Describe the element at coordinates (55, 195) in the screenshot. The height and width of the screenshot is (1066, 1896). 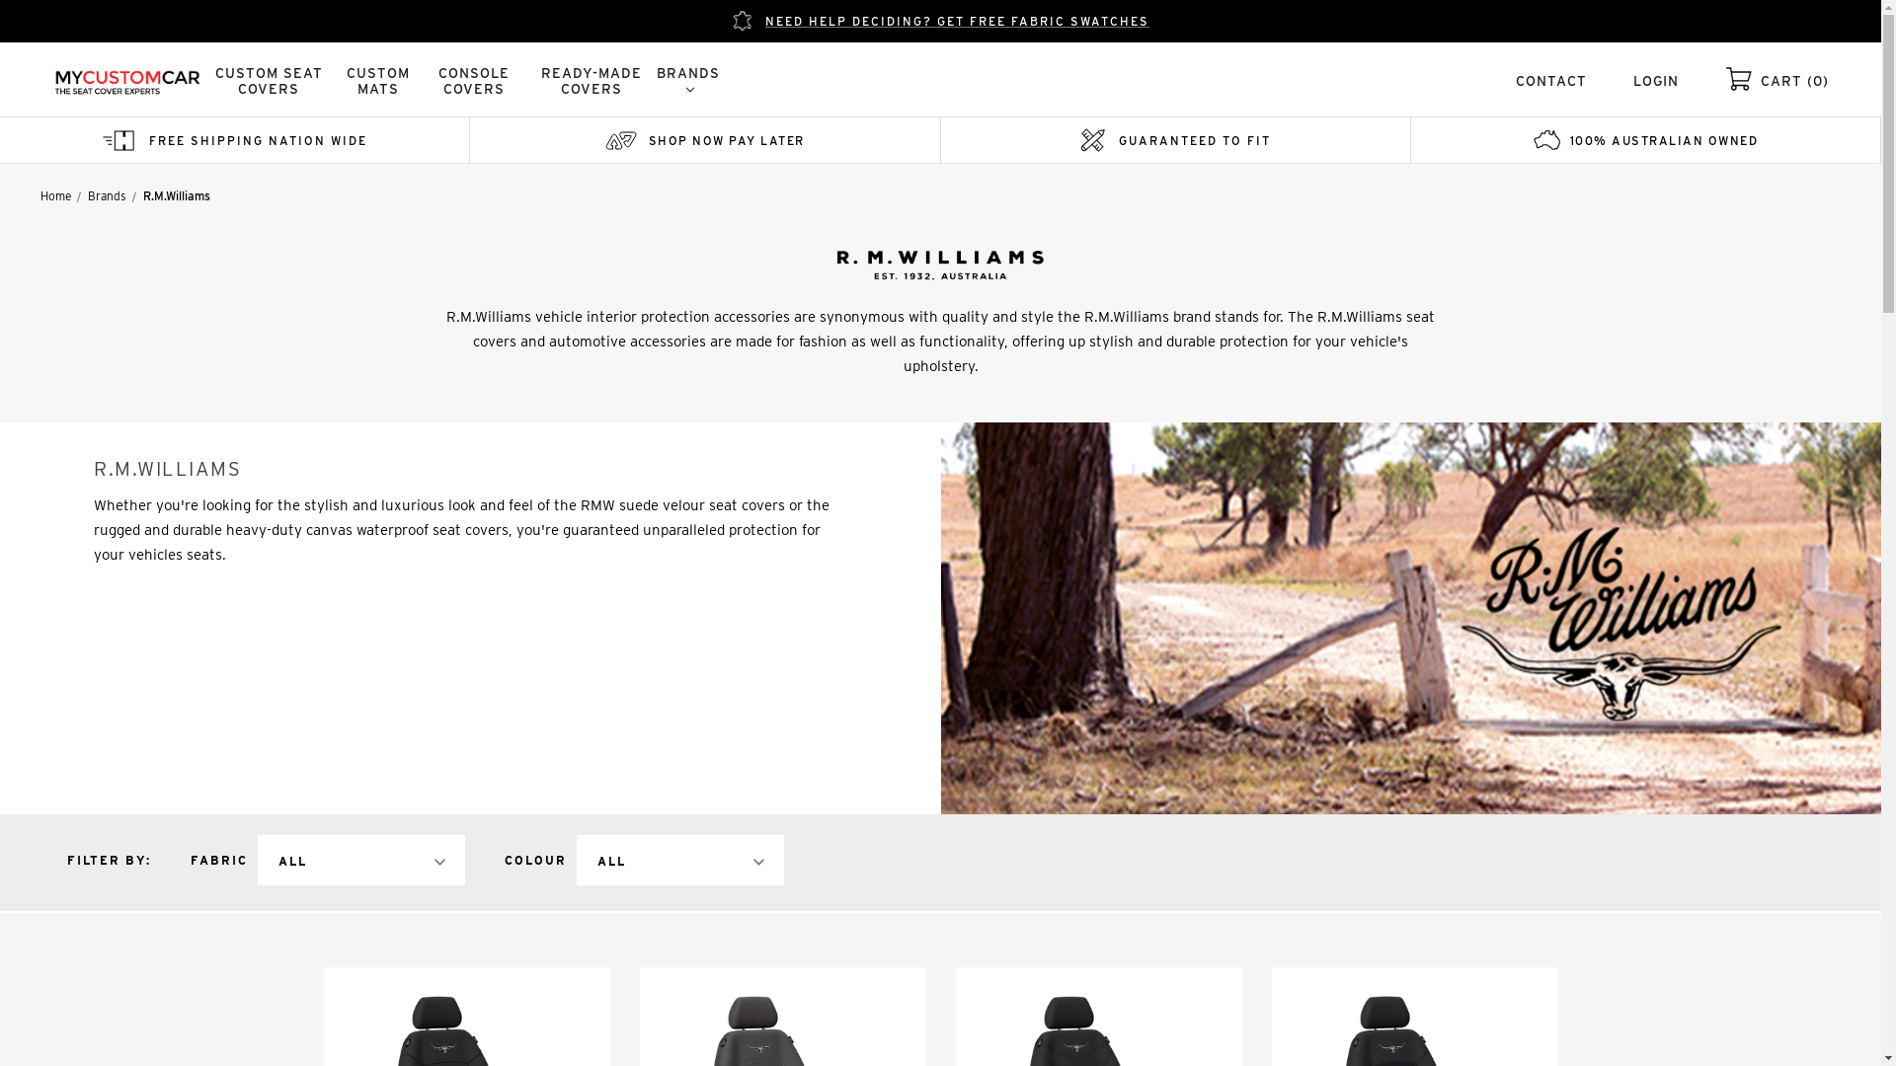
I see `'Home'` at that location.